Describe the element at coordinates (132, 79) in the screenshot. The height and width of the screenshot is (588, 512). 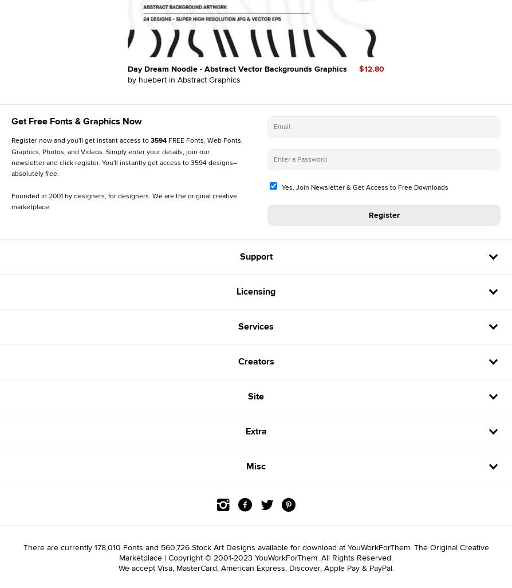
I see `'by'` at that location.